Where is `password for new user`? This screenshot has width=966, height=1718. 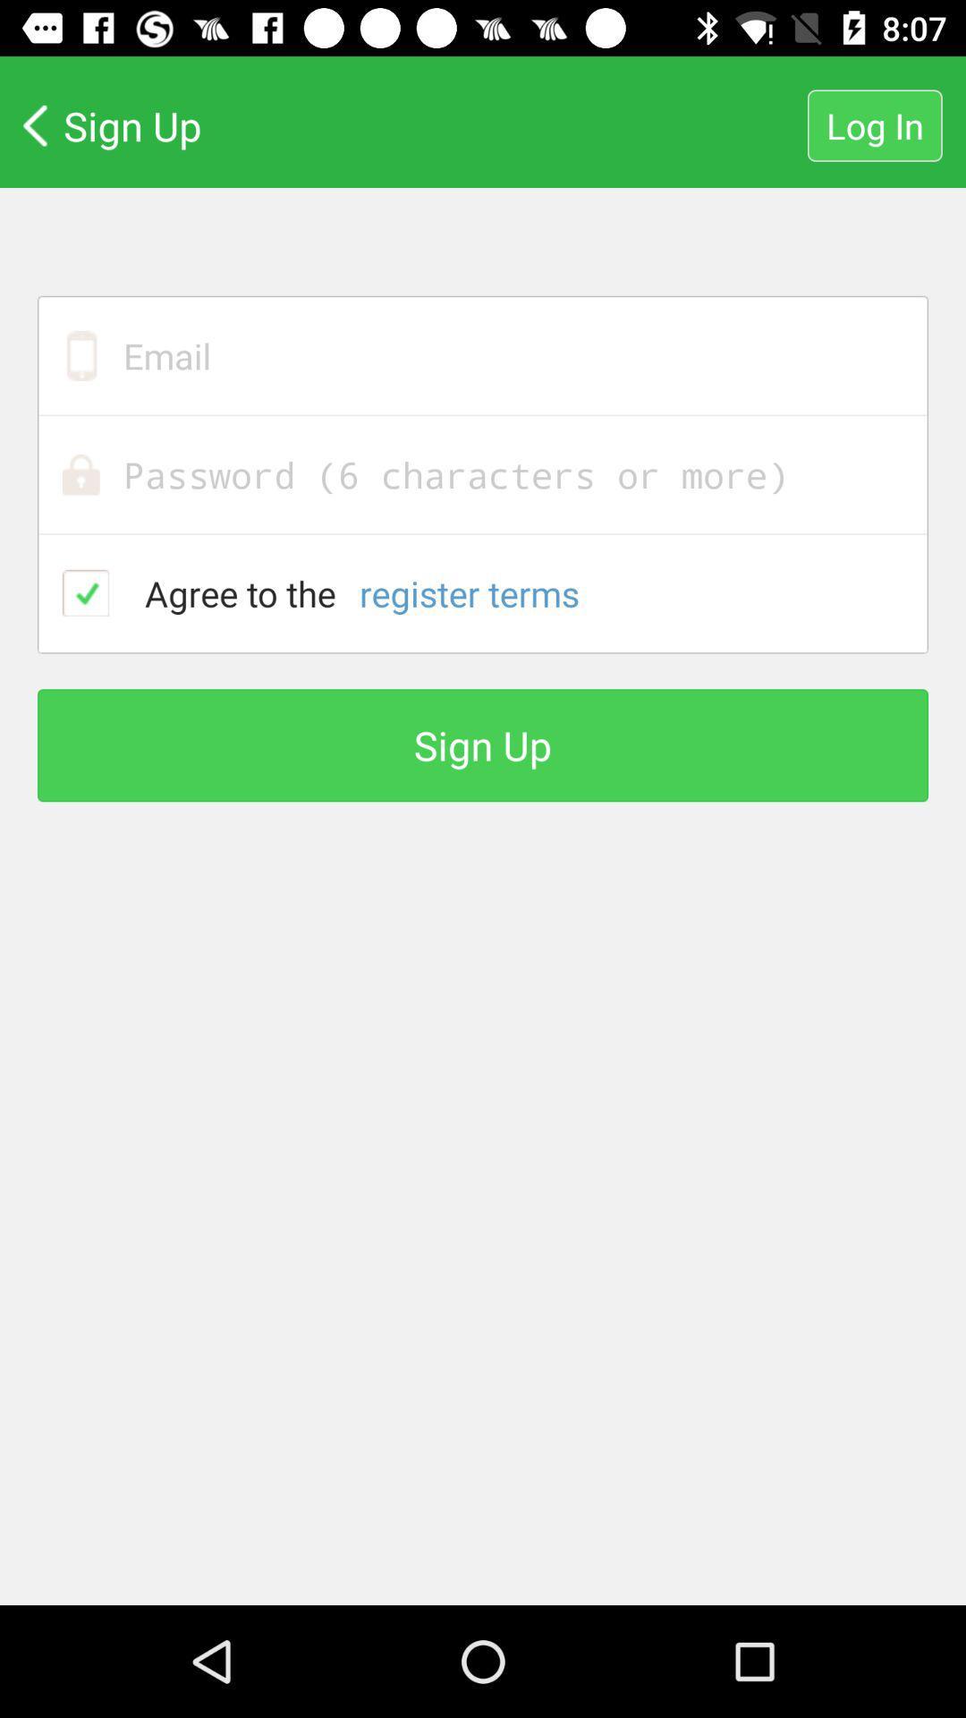
password for new user is located at coordinates (483, 474).